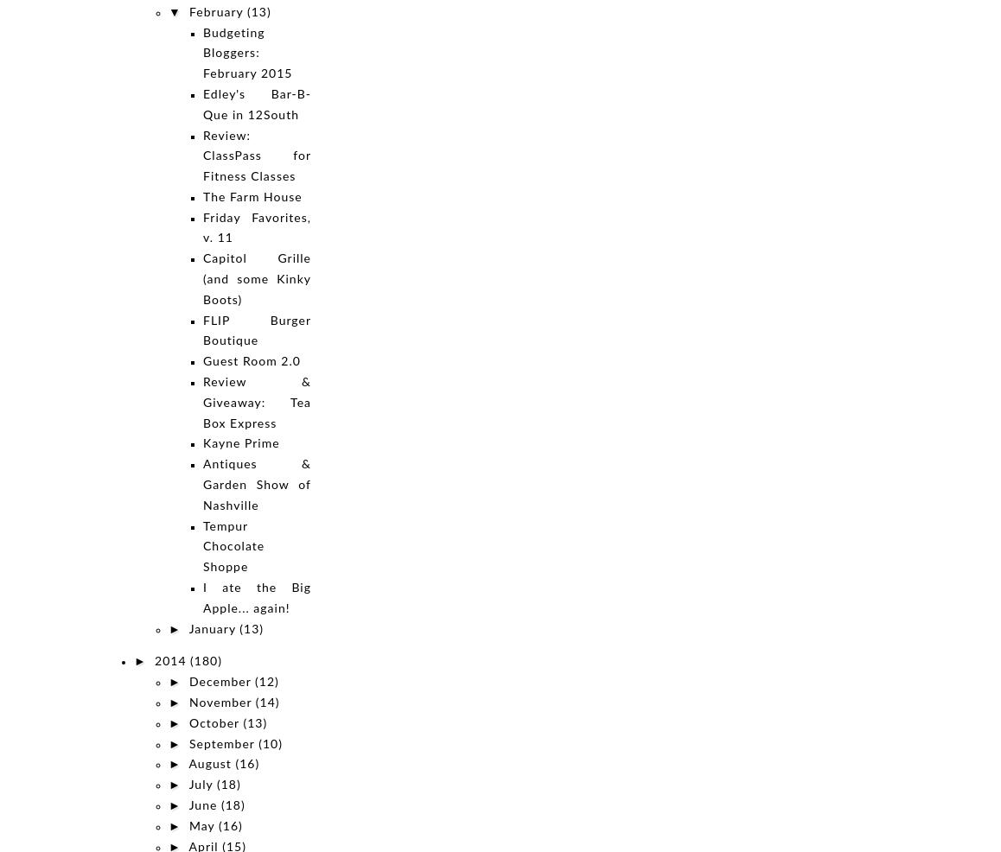 The image size is (1001, 852). What do you see at coordinates (188, 682) in the screenshot?
I see `'December'` at bounding box center [188, 682].